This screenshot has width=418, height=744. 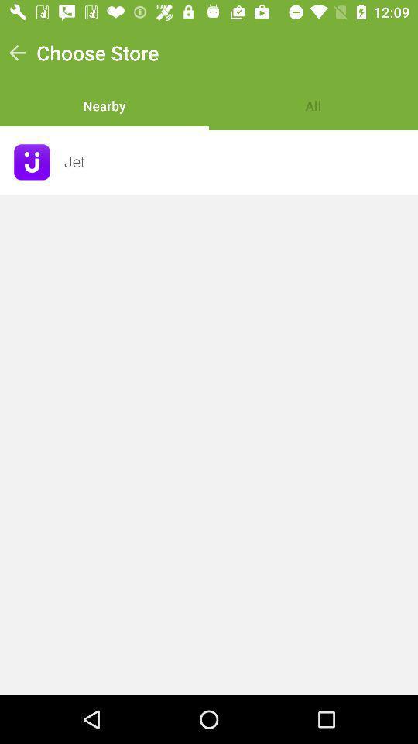 I want to click on item next to choose store icon, so click(x=16, y=53).